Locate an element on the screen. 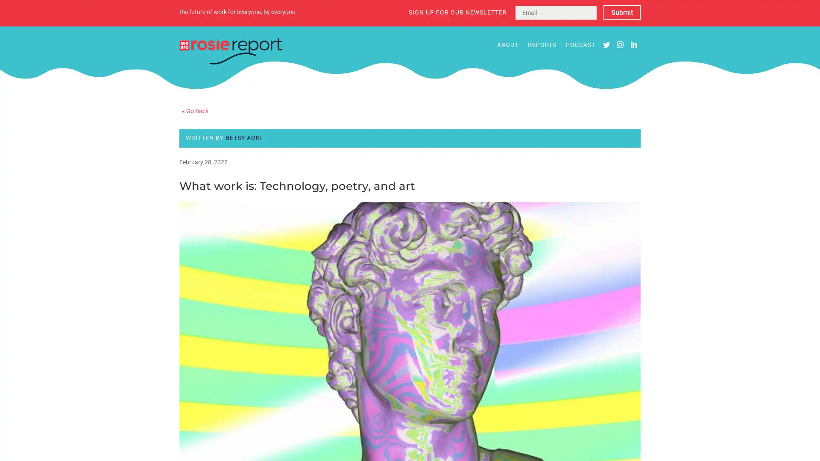 The image size is (820, 461). Submit is located at coordinates (621, 12).